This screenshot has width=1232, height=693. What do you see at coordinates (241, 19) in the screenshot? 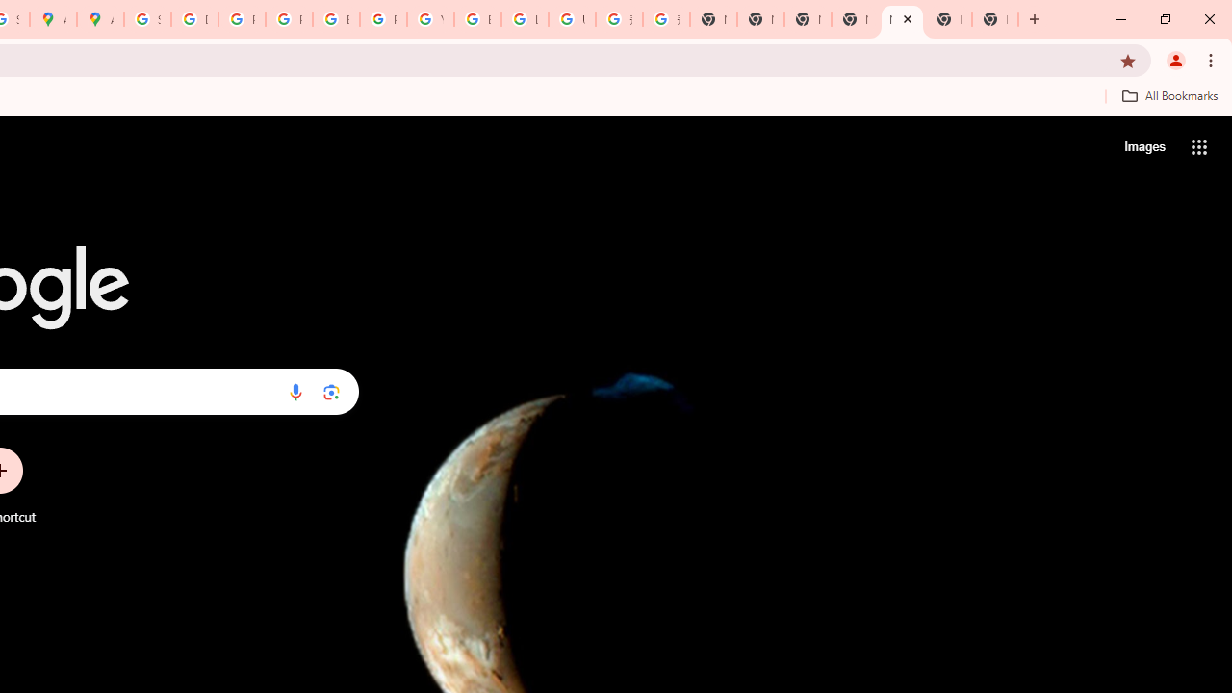
I see `'Privacy Help Center - Policies Help'` at bounding box center [241, 19].